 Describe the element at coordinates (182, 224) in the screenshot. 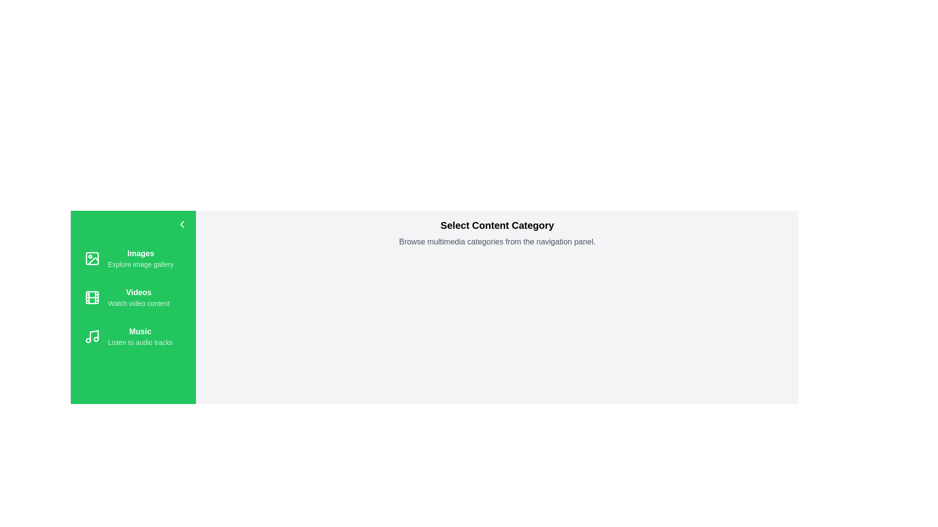

I see `toggle button to open or close the navigation drawer` at that location.